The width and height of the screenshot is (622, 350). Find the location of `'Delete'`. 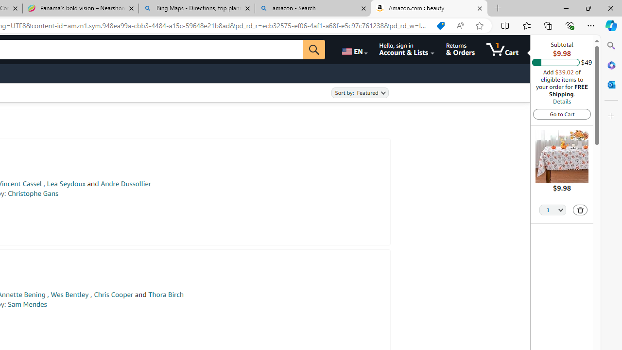

'Delete' is located at coordinates (580, 210).